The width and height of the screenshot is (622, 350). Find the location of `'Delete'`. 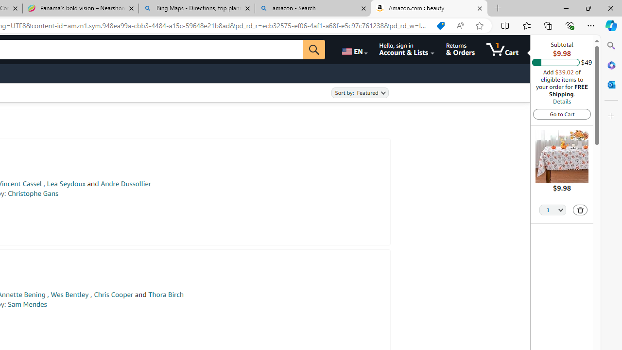

'Delete' is located at coordinates (580, 210).